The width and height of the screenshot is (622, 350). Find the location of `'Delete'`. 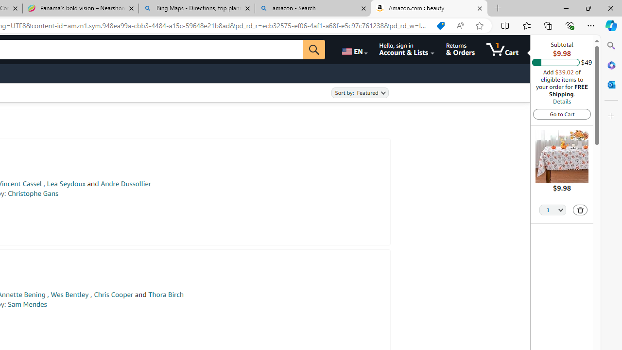

'Delete' is located at coordinates (580, 210).